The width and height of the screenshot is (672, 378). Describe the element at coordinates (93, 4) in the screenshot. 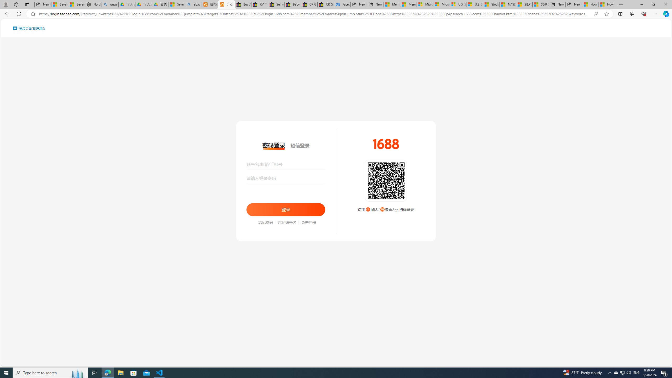

I see `'Nordace - Summer Adventures 2024'` at that location.